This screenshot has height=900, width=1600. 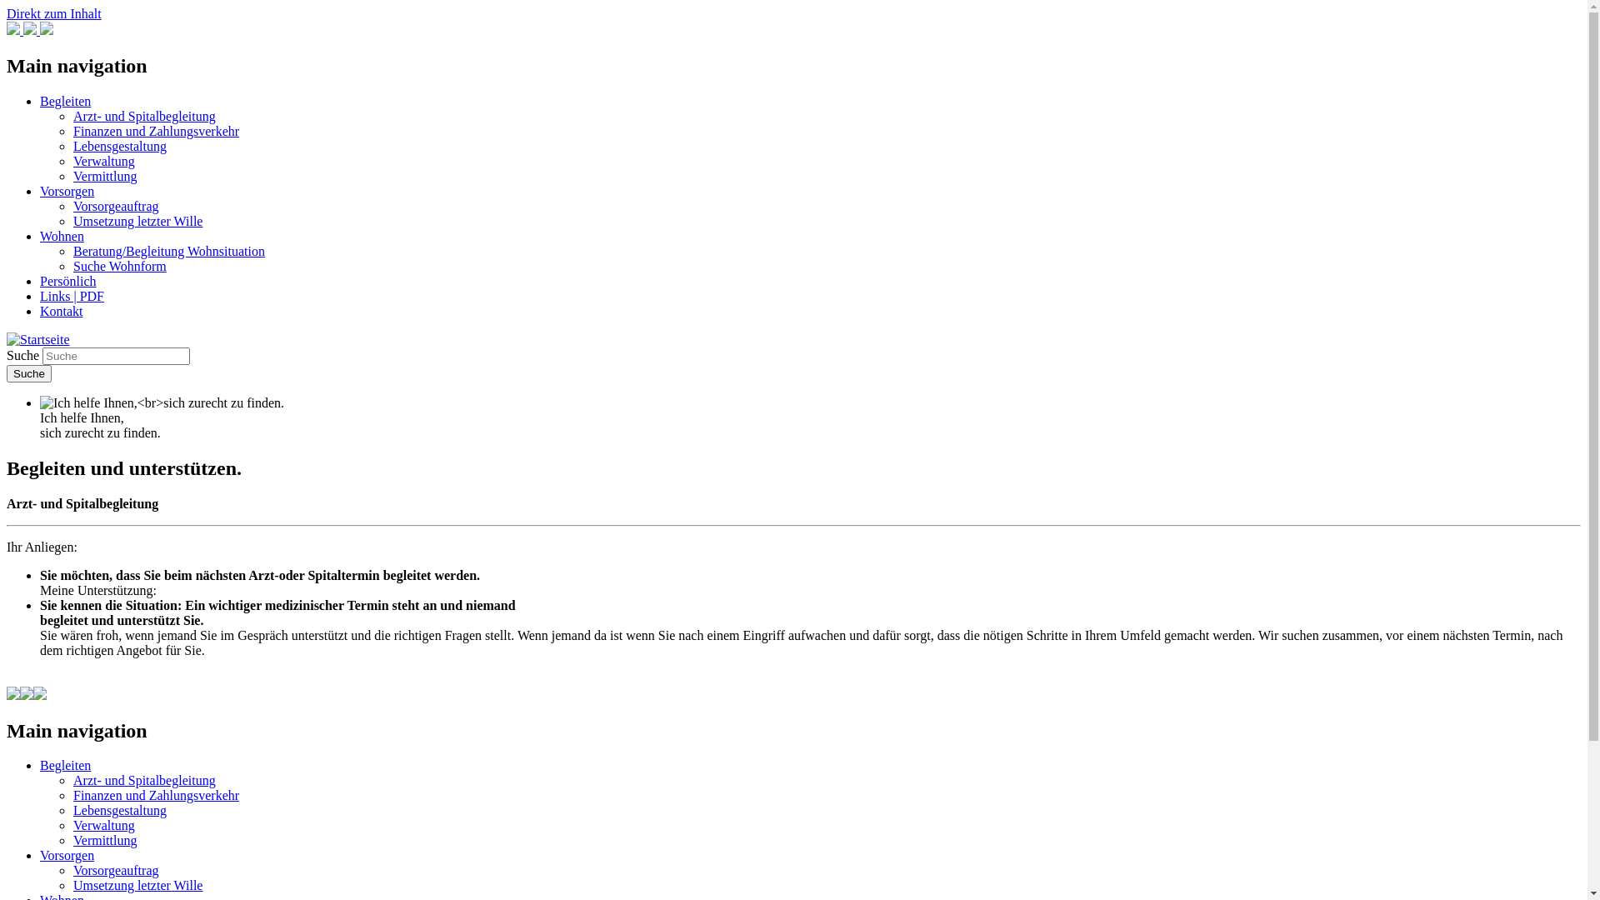 I want to click on 'Begleiten', so click(x=40, y=101).